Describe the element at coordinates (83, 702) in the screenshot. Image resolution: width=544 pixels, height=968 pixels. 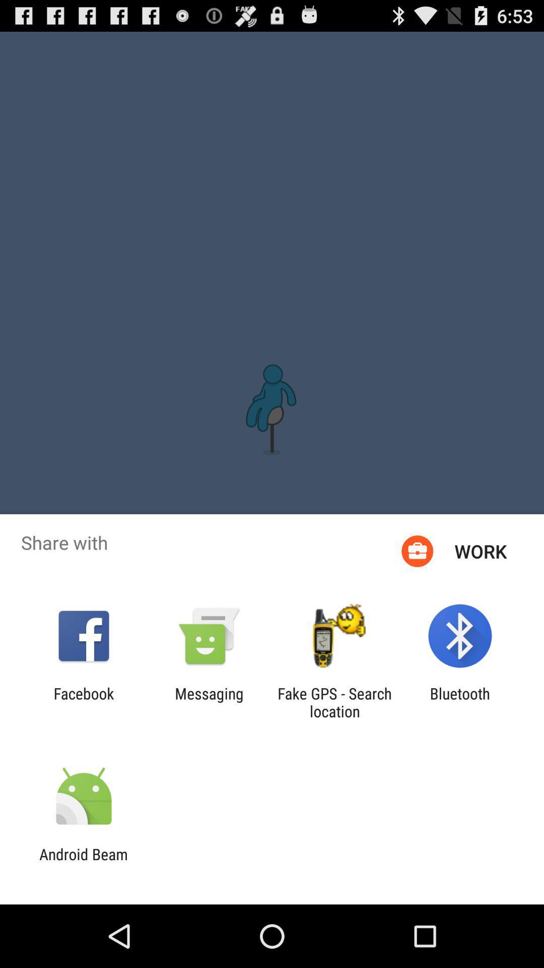
I see `the icon next to the messaging` at that location.